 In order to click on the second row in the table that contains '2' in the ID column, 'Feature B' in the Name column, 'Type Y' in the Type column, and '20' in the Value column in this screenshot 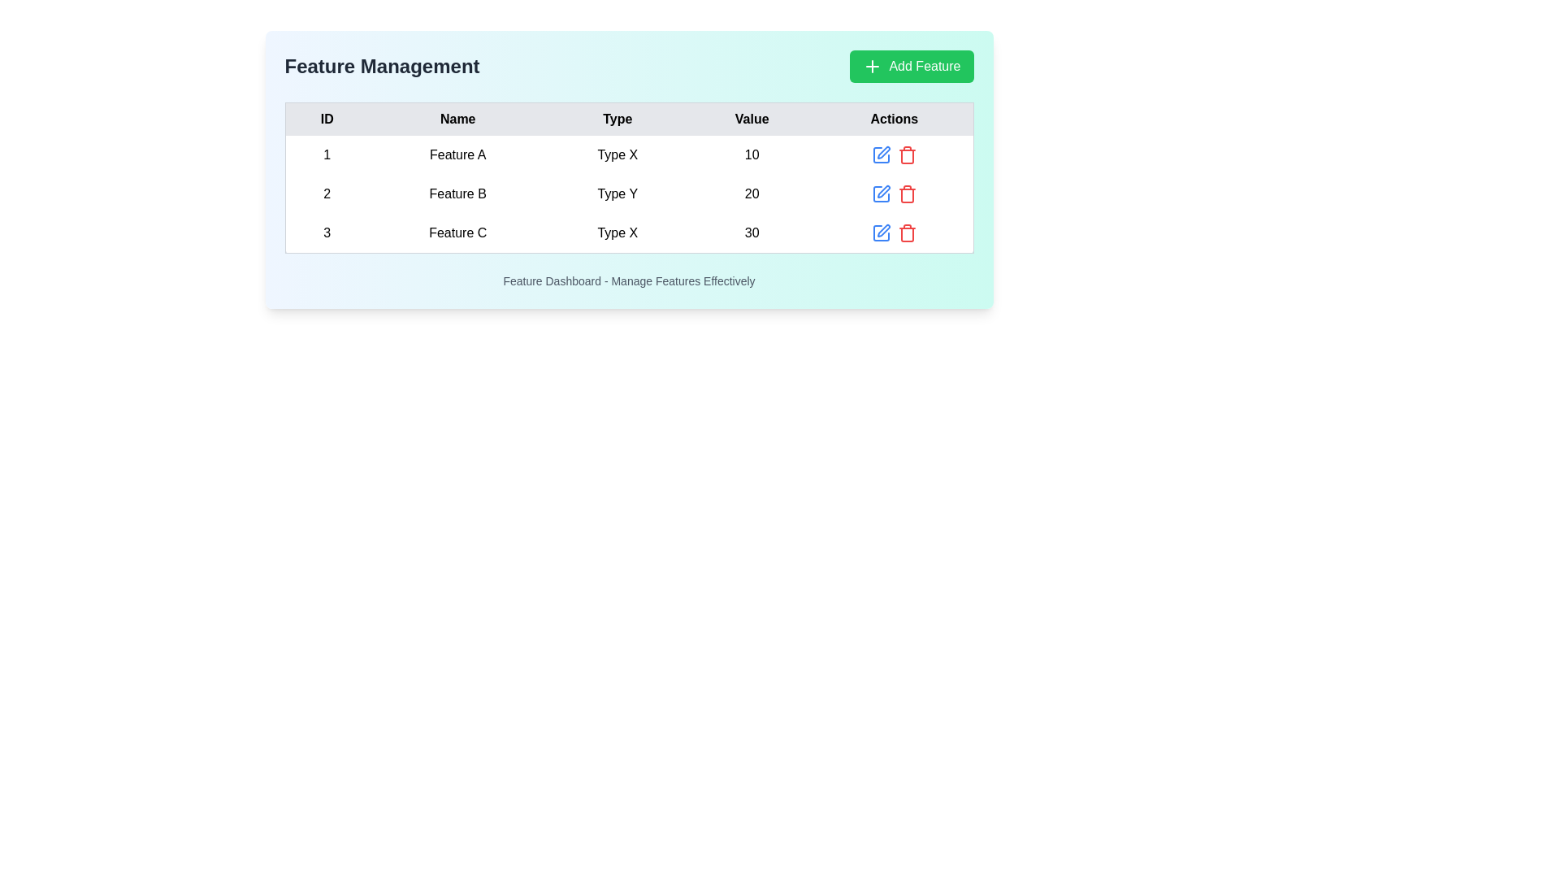, I will do `click(628, 193)`.